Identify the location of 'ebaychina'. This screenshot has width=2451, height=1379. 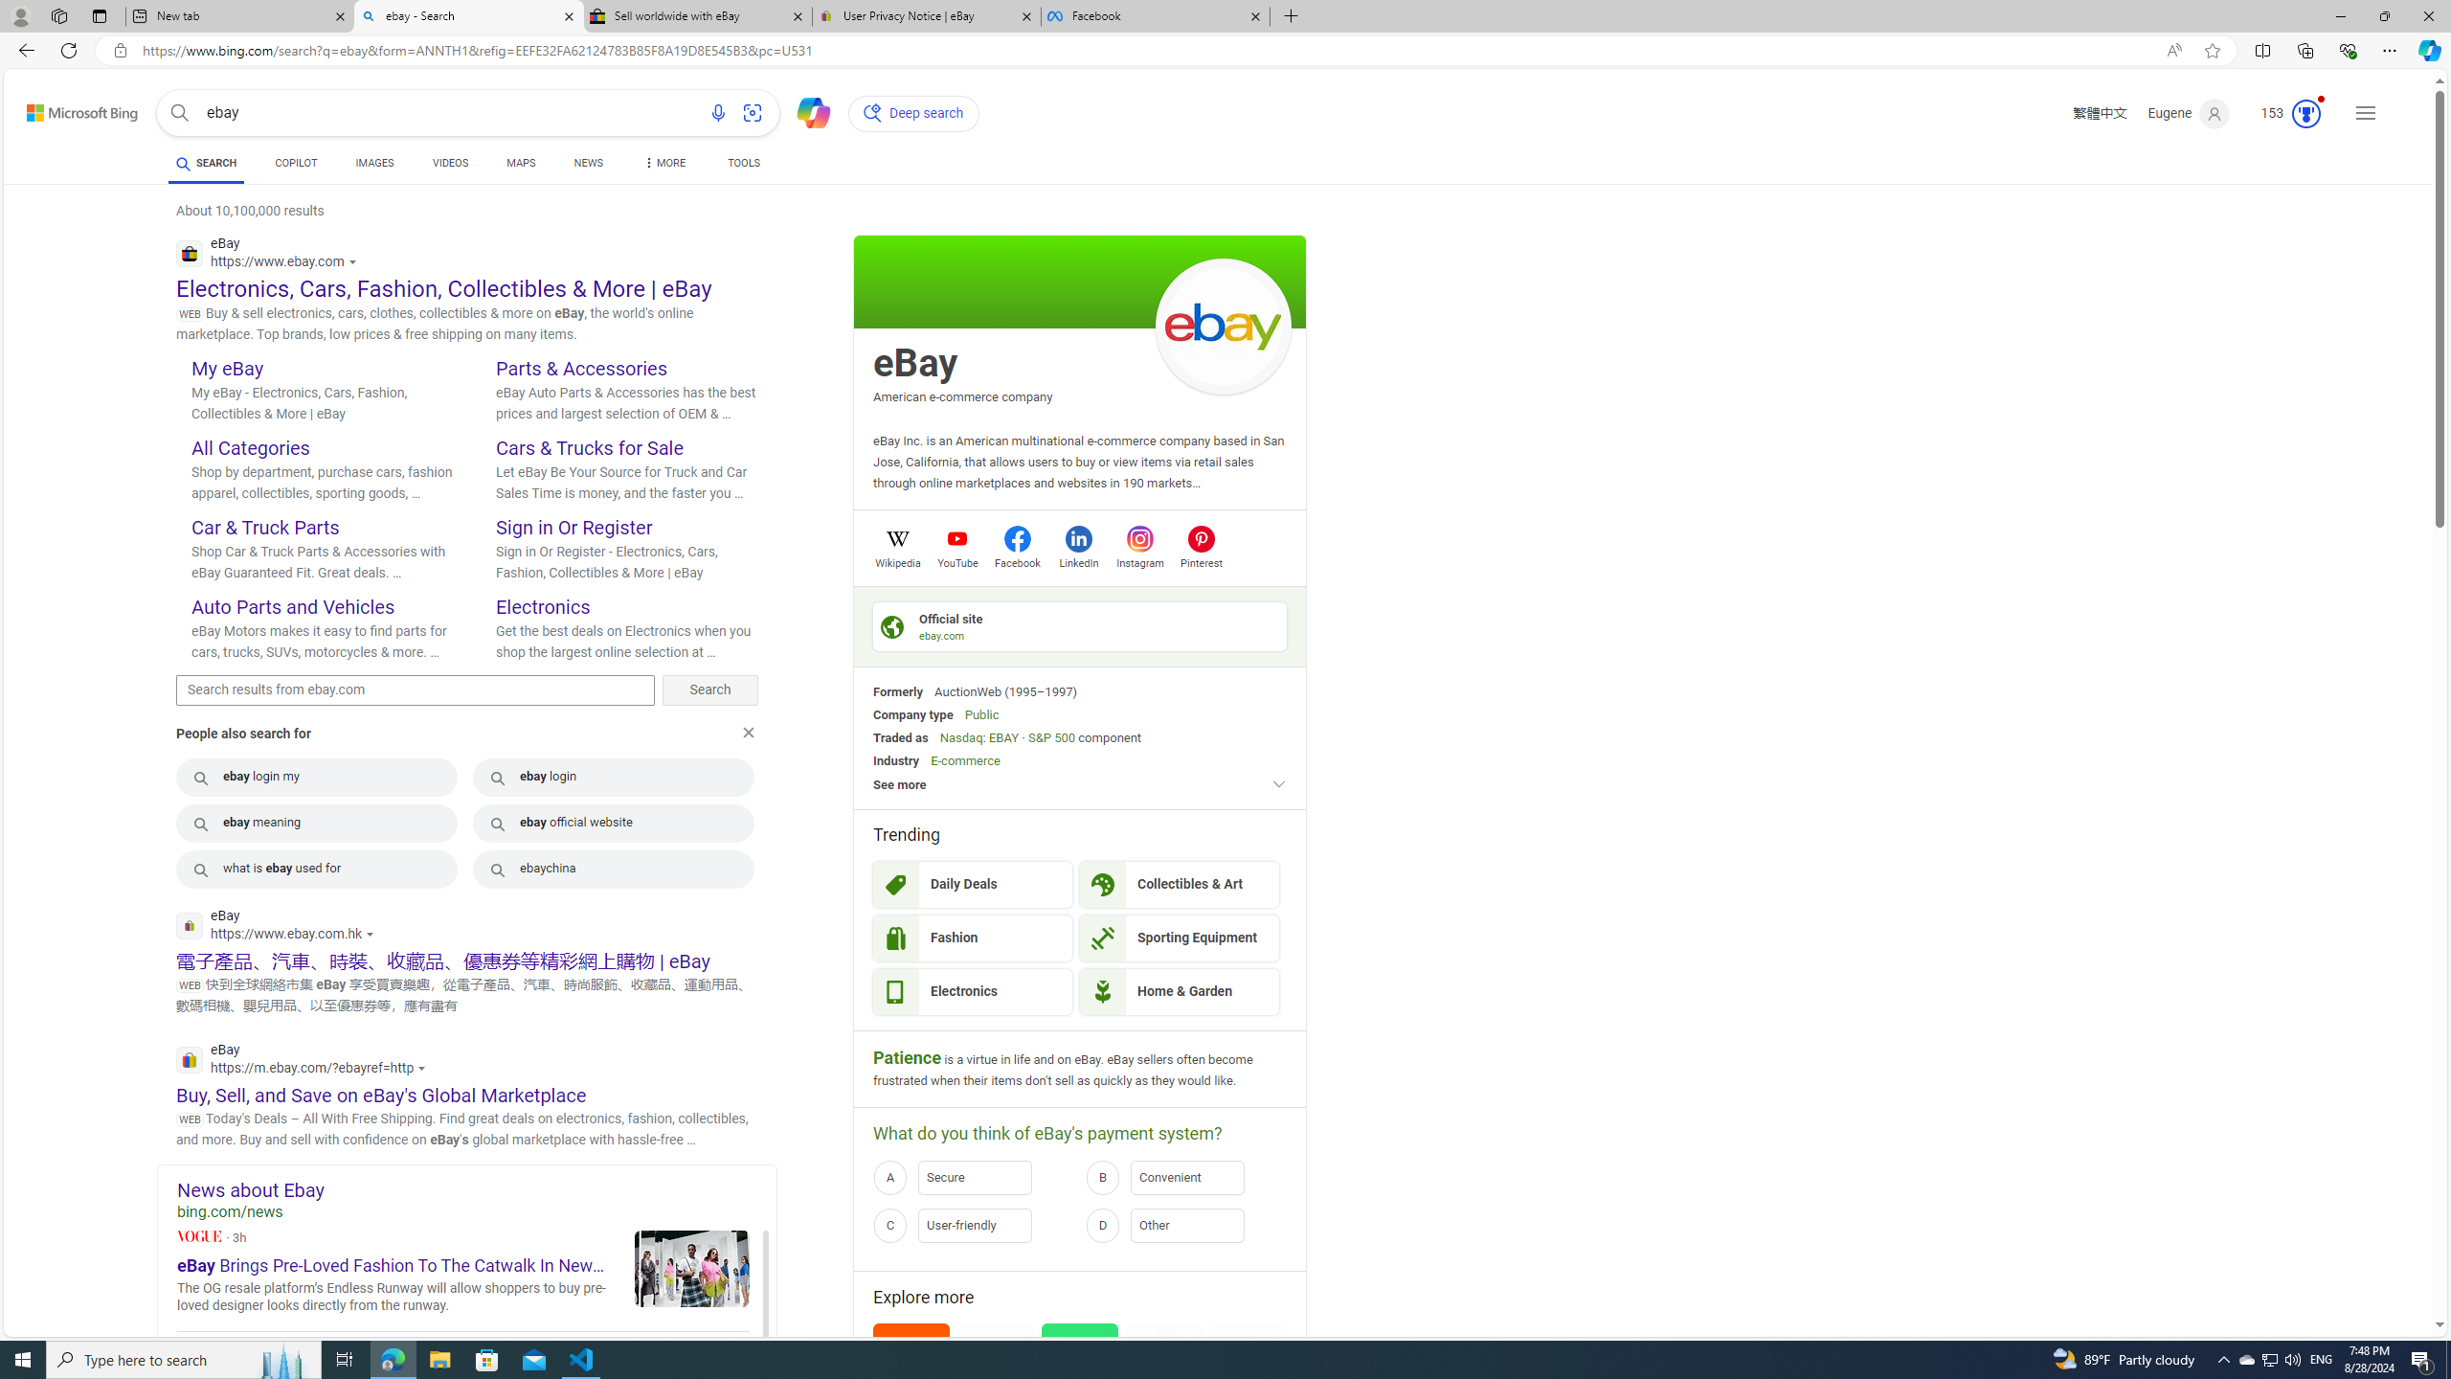
(613, 869).